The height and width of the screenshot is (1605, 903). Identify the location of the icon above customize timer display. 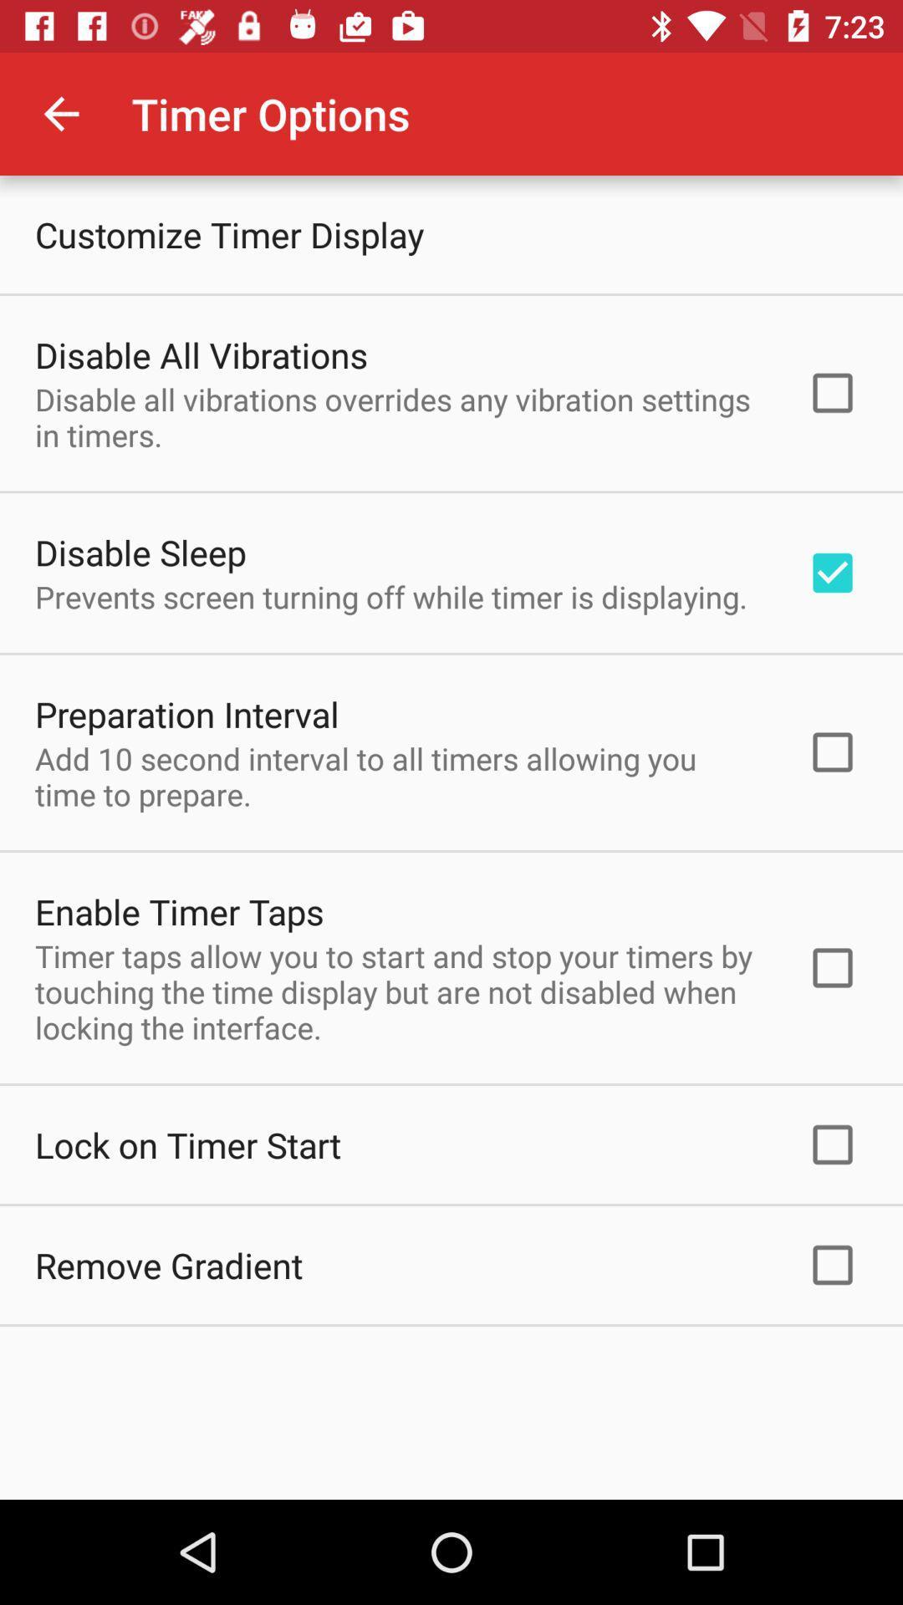
(60, 113).